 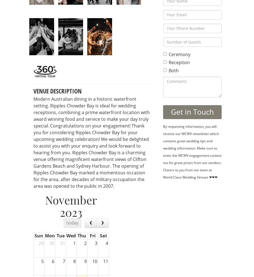 What do you see at coordinates (74, 243) in the screenshot?
I see `'1'` at bounding box center [74, 243].